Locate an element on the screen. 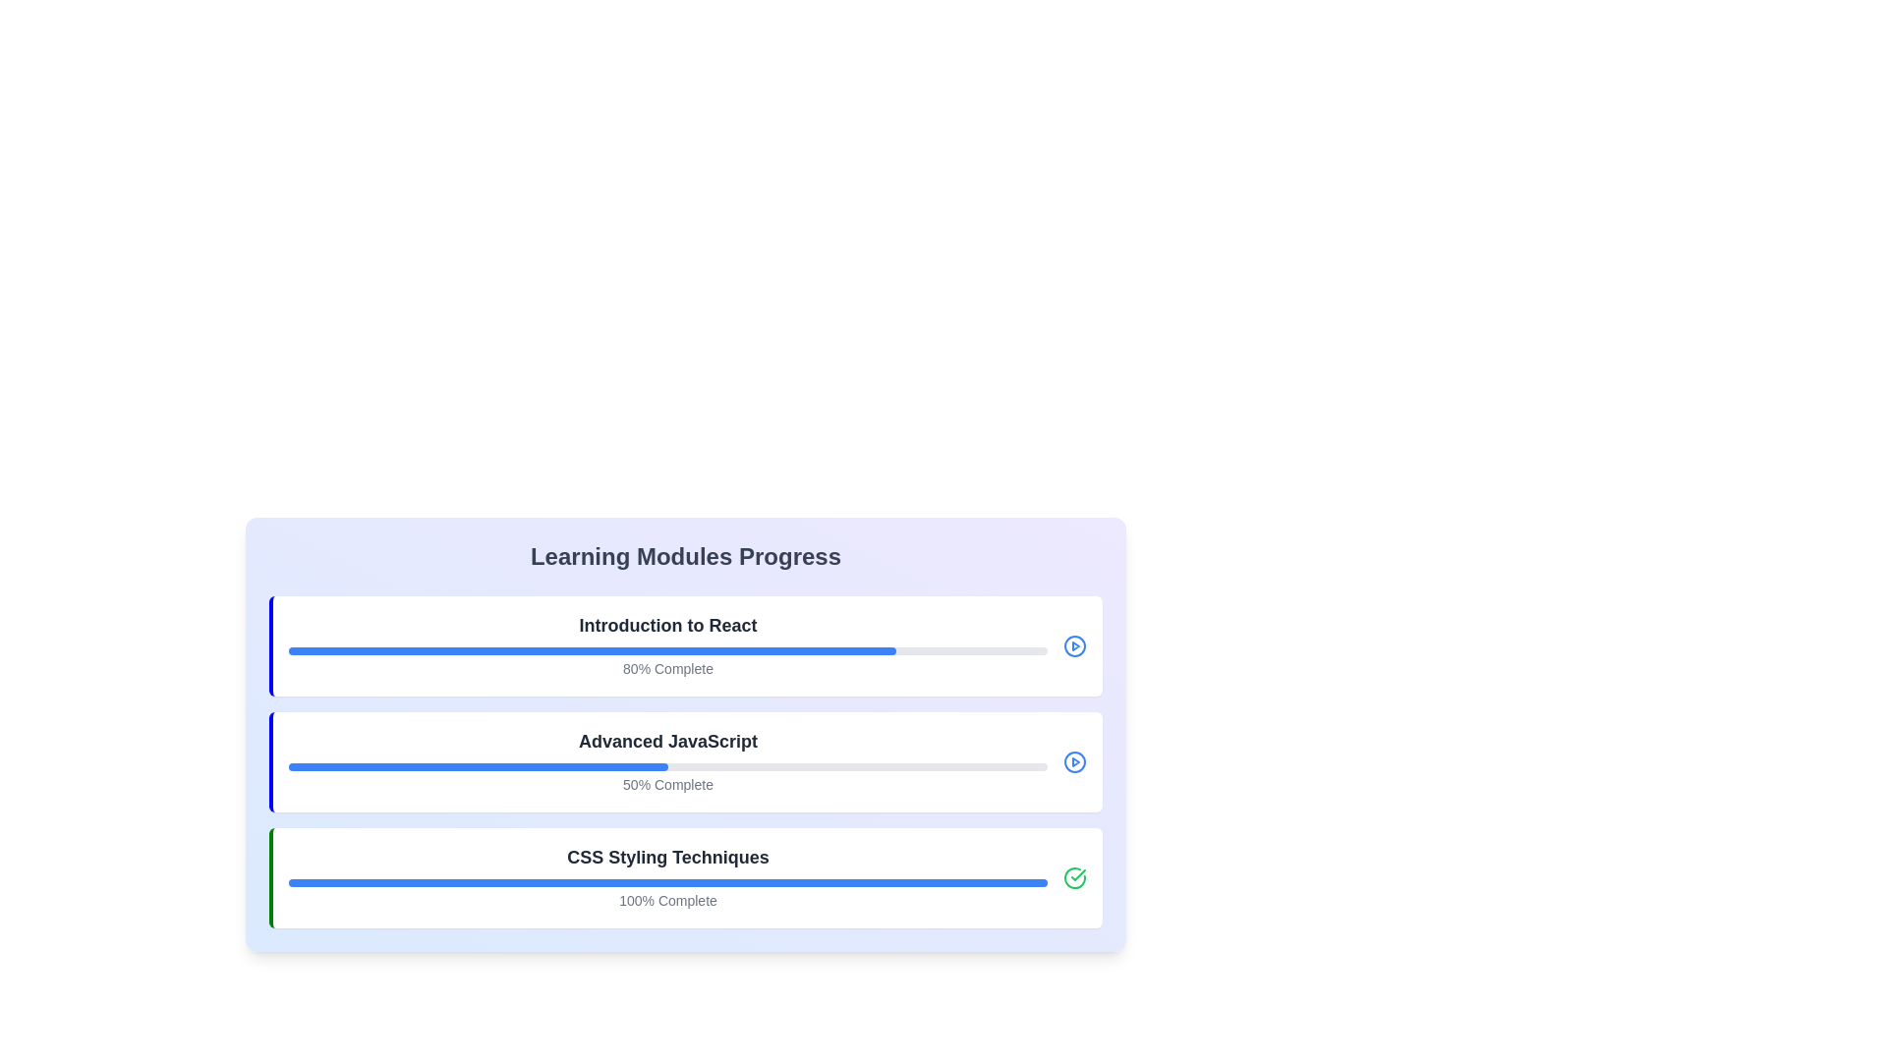 The height and width of the screenshot is (1061, 1887). the text label displaying the completion percentage of the 'Introduction to React' module, which is positioned below the progress bar is located at coordinates (668, 668).